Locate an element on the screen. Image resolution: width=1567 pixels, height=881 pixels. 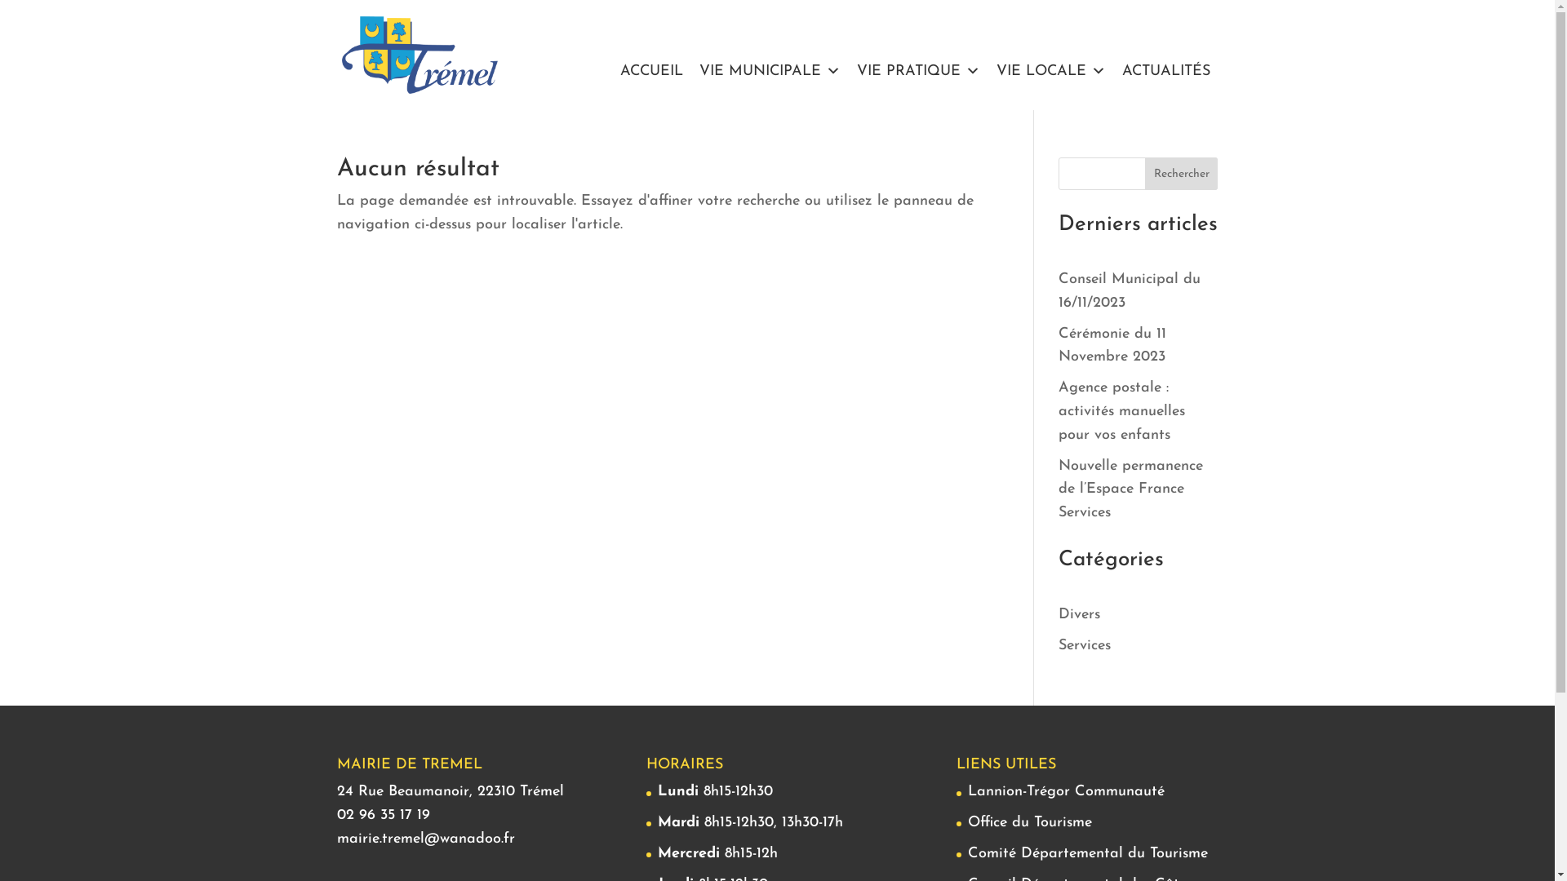
'mairie.tremel@wanadoo.fr' is located at coordinates (425, 839).